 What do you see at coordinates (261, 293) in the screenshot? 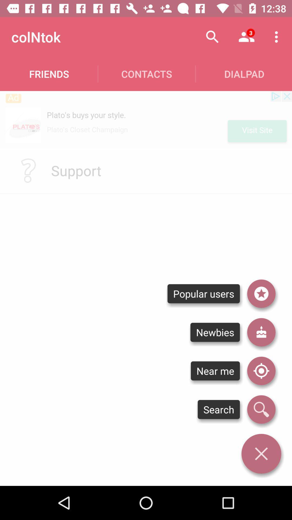
I see `icon next to popular users` at bounding box center [261, 293].